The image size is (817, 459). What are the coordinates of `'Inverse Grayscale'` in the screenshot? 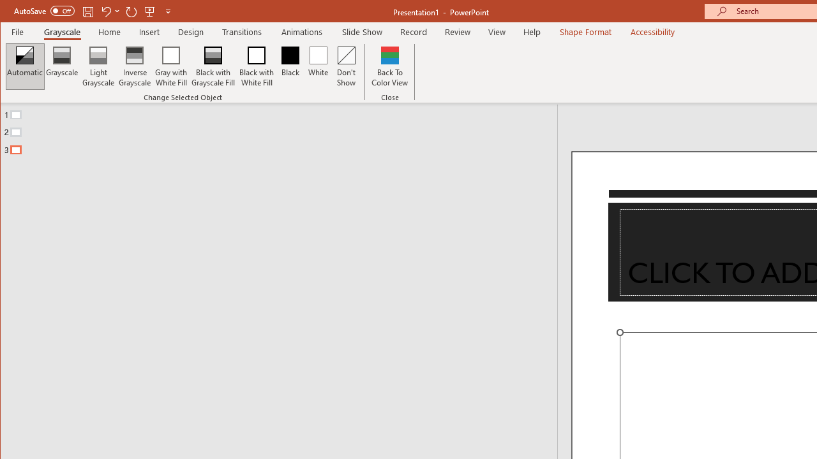 It's located at (135, 66).